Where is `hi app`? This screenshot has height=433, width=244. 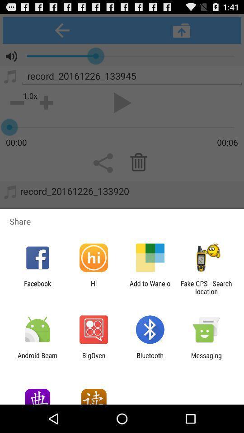
hi app is located at coordinates (93, 287).